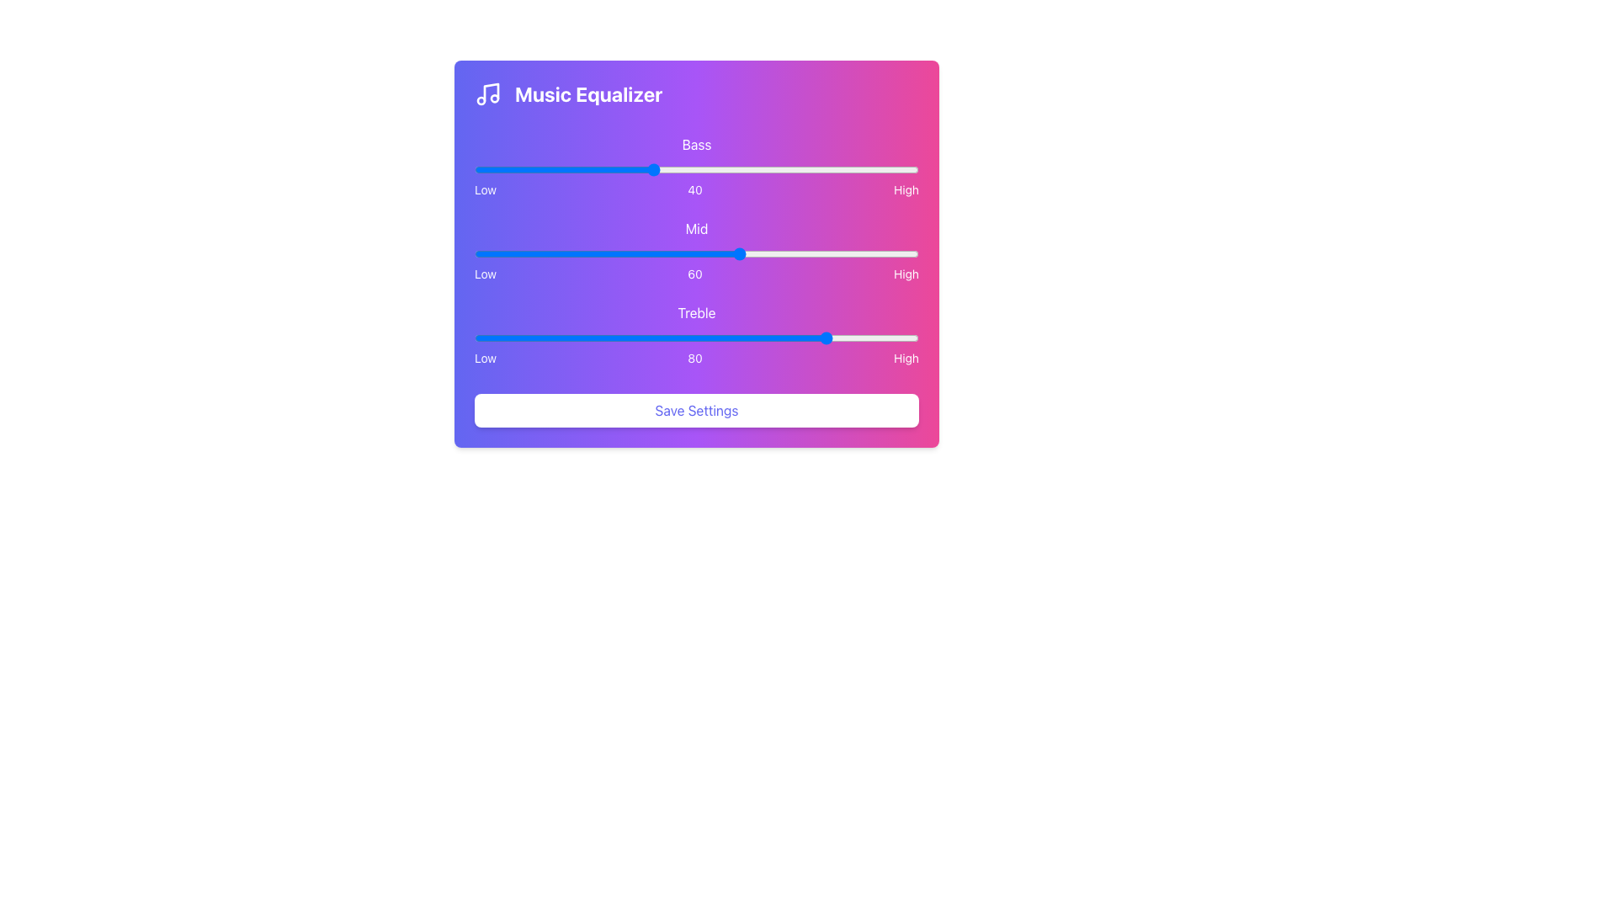 The image size is (1616, 909). I want to click on mid-range frequency, so click(861, 253).